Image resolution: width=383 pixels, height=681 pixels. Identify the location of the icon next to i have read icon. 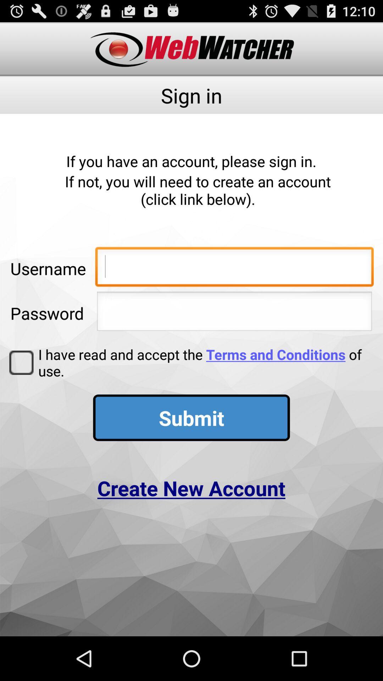
(21, 362).